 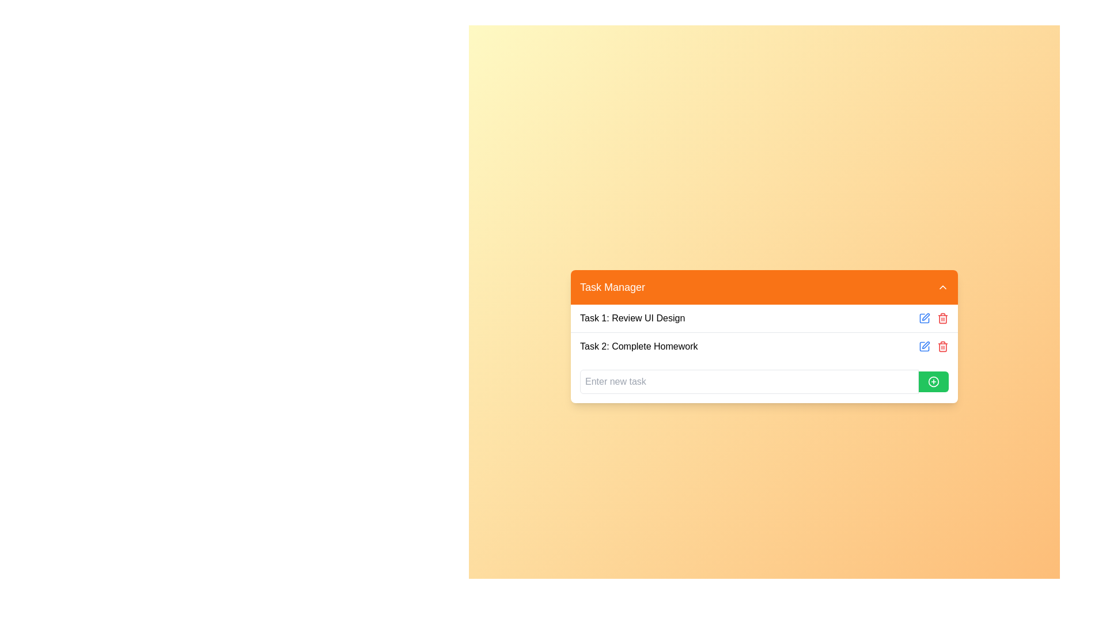 What do you see at coordinates (632, 318) in the screenshot?
I see `the prominent static text display of the first task item in the task manager application to identify the task` at bounding box center [632, 318].